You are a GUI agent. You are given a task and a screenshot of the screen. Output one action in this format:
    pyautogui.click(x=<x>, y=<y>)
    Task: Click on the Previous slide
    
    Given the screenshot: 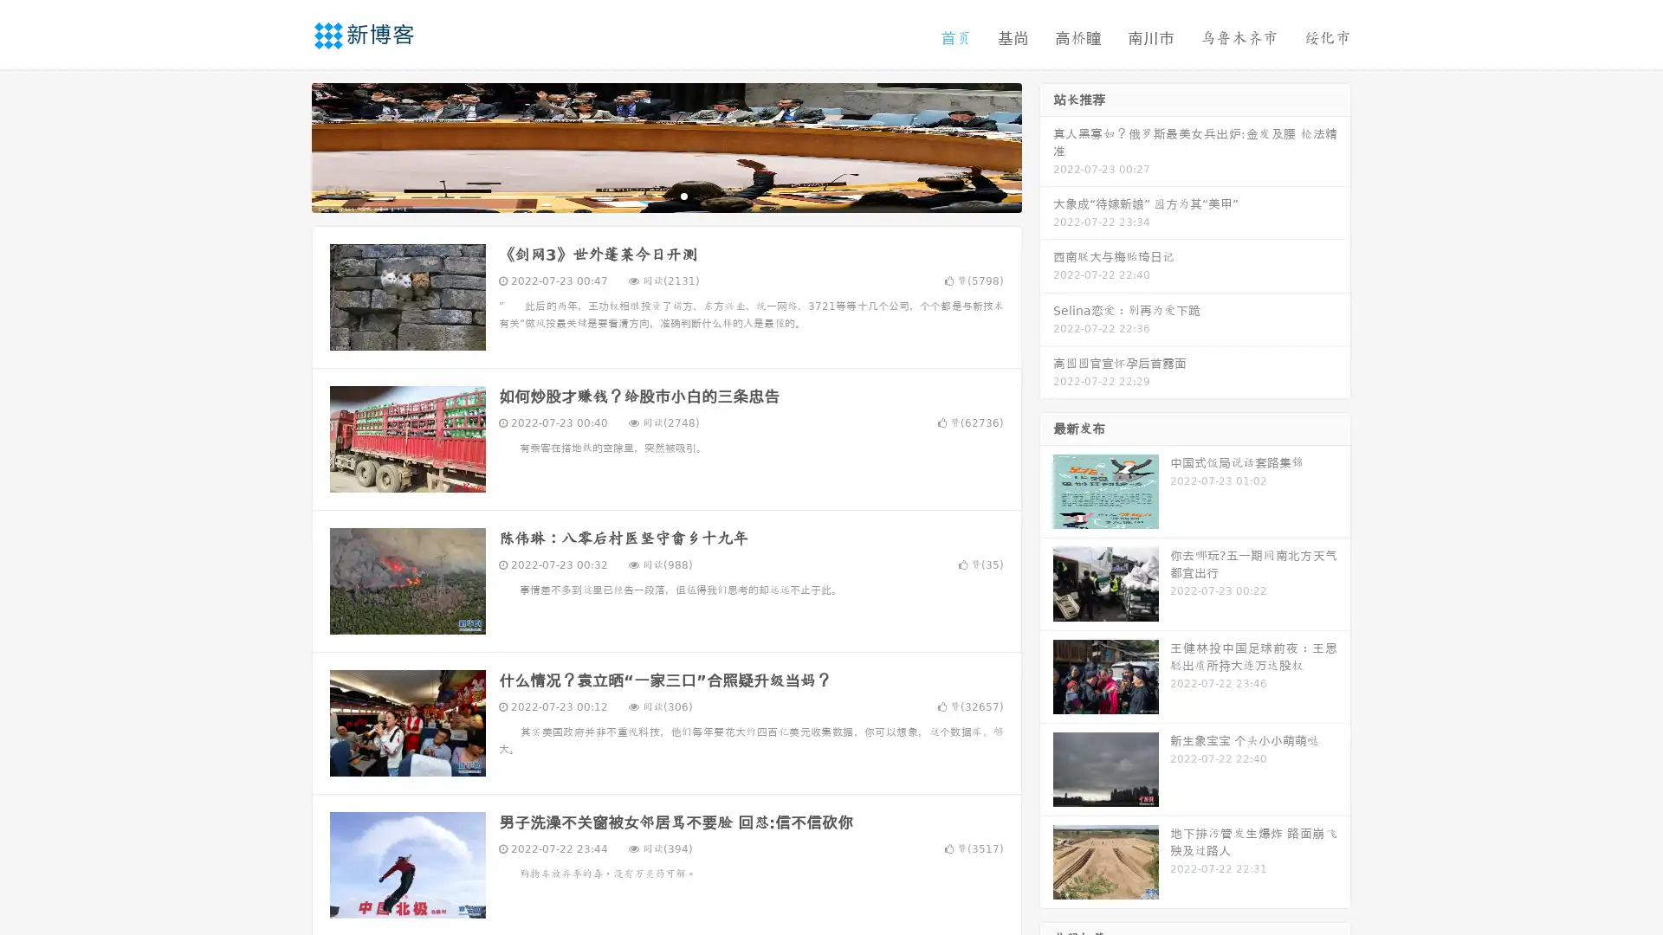 What is the action you would take?
    pyautogui.click(x=286, y=145)
    